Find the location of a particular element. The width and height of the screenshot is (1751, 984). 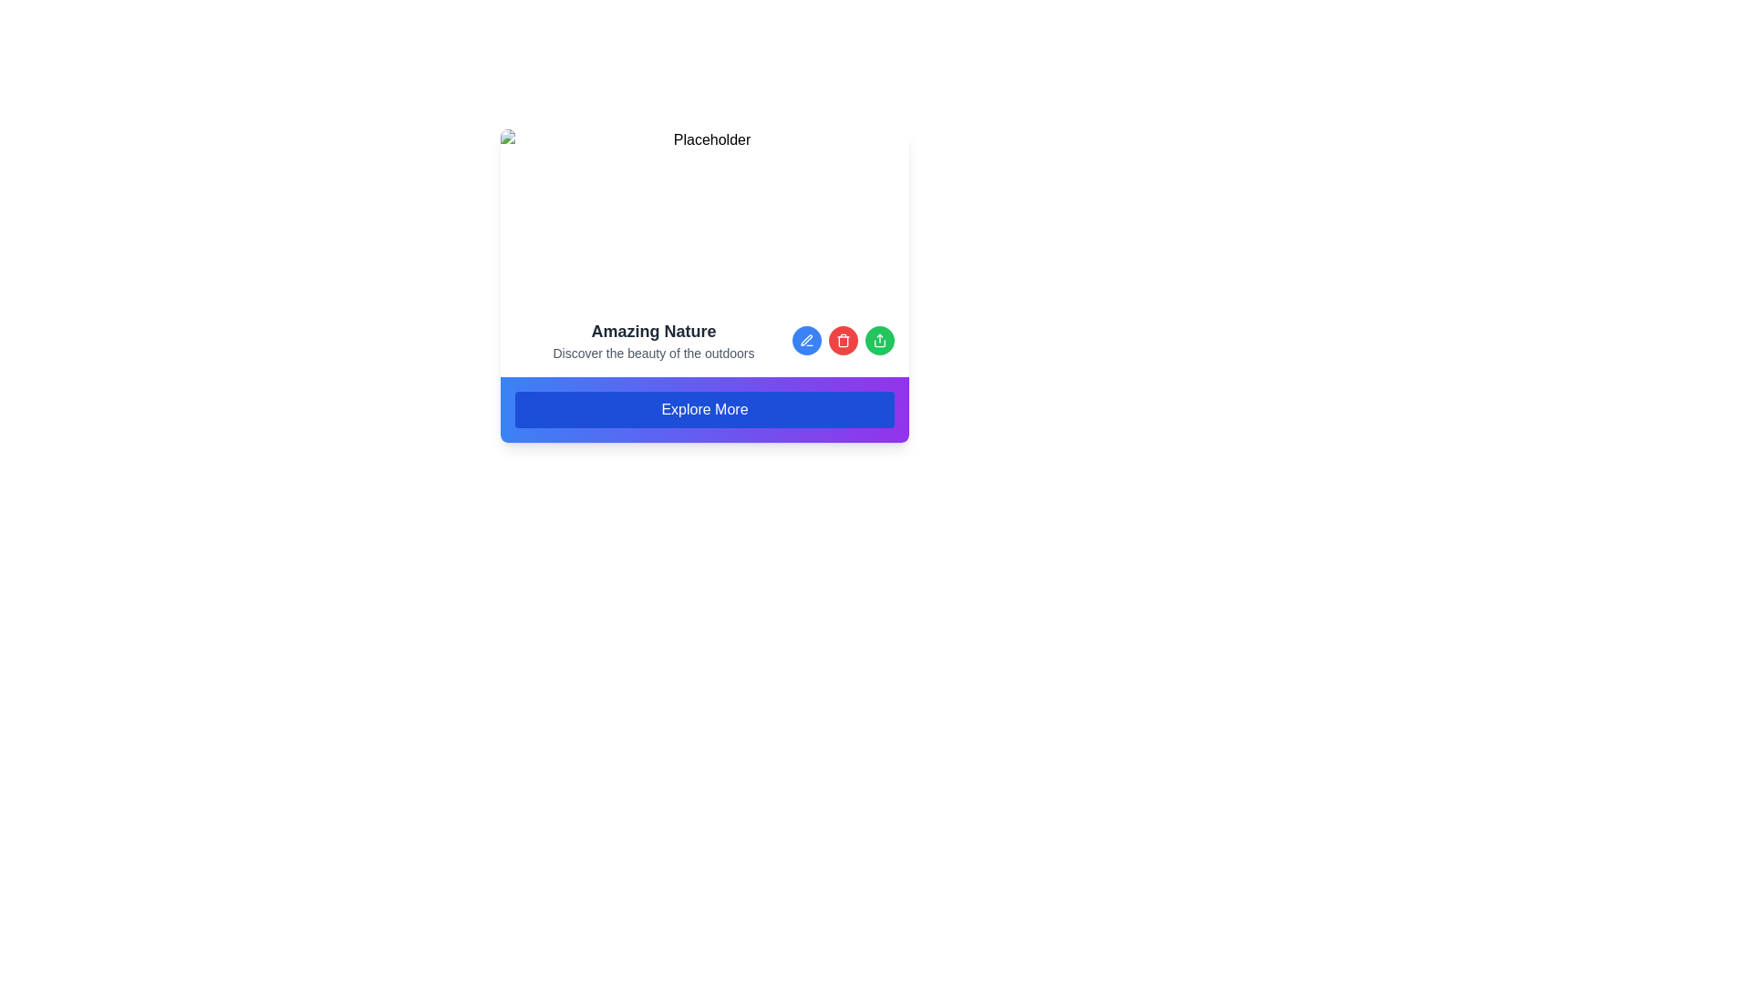

the share icon button located at the bottom-right corner of the card, part of a group of circular icons is located at coordinates (879, 341).